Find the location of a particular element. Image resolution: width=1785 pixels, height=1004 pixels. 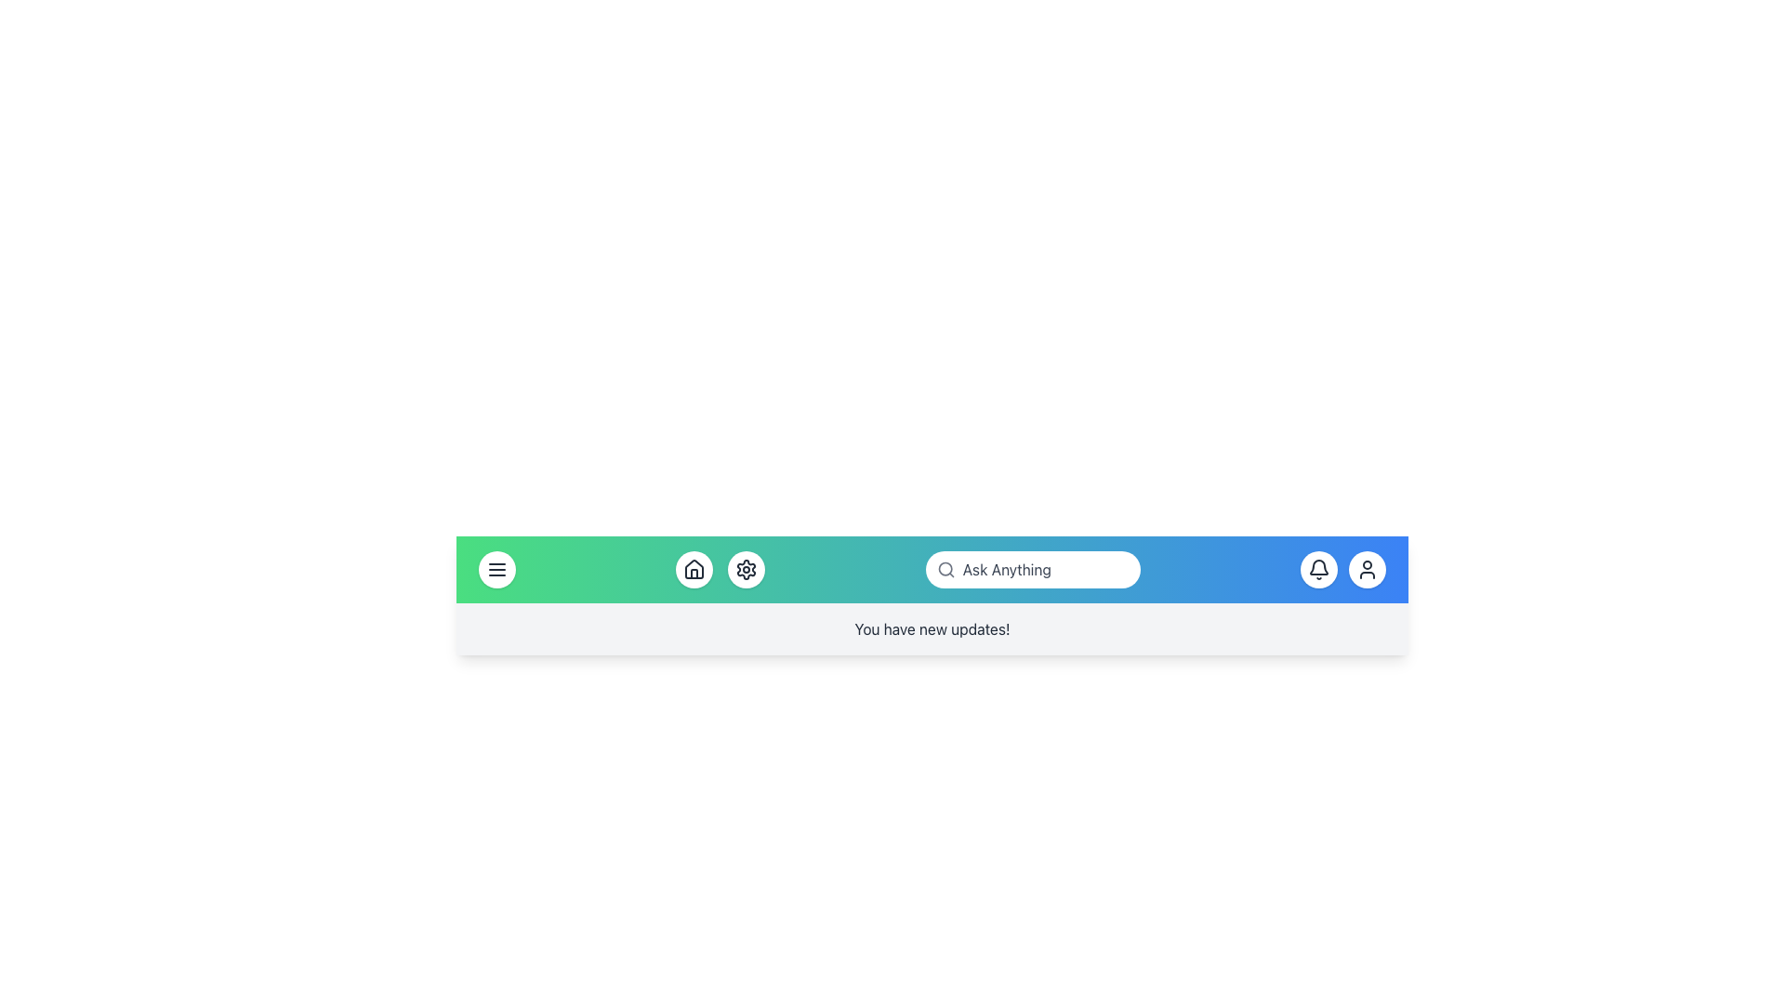

the notification button, which is the first circular icon on the right side of the blue bar is located at coordinates (1318, 569).